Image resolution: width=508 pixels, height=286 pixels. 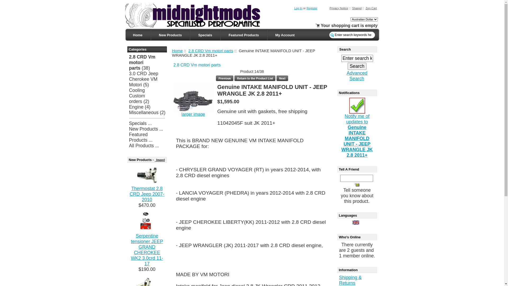 What do you see at coordinates (173, 97) in the screenshot?
I see `' Genuine INTAKE MANIFOLD UNIT - JEEP WRANGLE JK 2.8 2011+ '` at bounding box center [173, 97].